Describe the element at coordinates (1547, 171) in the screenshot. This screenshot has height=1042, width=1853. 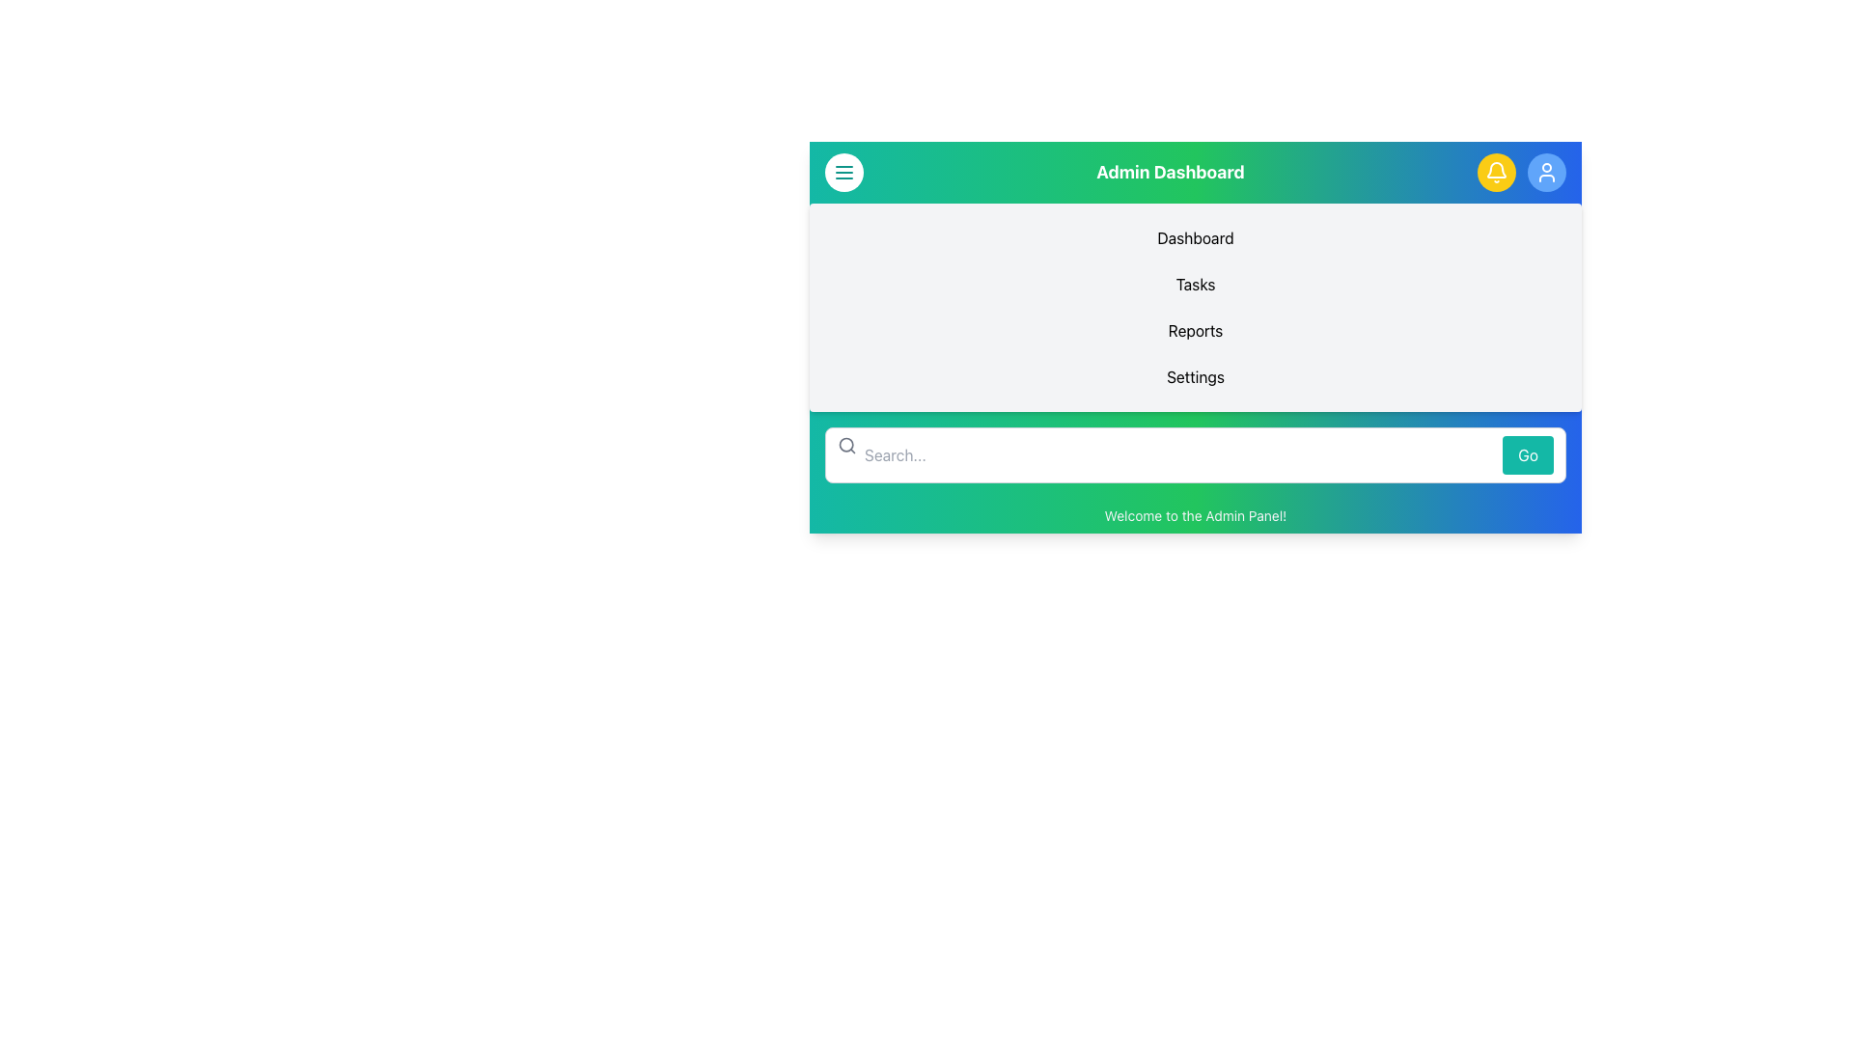
I see `the SVG user icon button located at the top-right corner of the interface for keyboard interaction` at that location.